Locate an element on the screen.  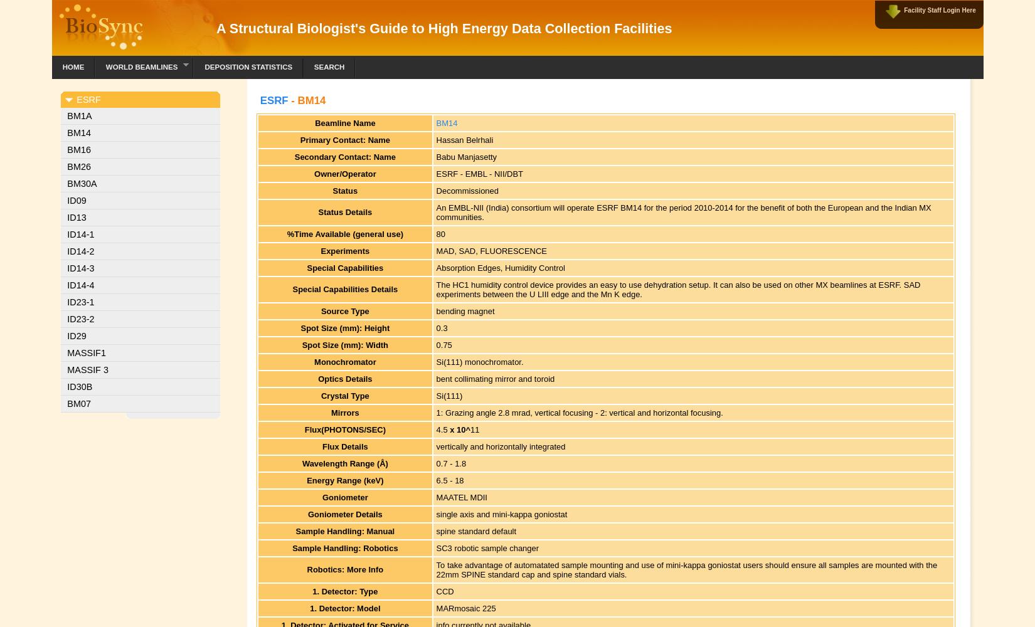
'Status Details' is located at coordinates (344, 211).